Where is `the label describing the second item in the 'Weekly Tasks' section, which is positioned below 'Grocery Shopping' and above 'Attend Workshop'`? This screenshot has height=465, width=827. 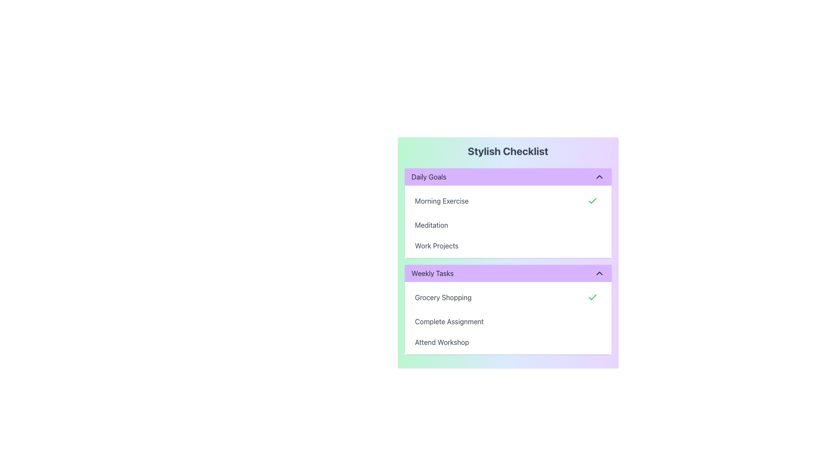 the label describing the second item in the 'Weekly Tasks' section, which is positioned below 'Grocery Shopping' and above 'Attend Workshop' is located at coordinates (449, 322).